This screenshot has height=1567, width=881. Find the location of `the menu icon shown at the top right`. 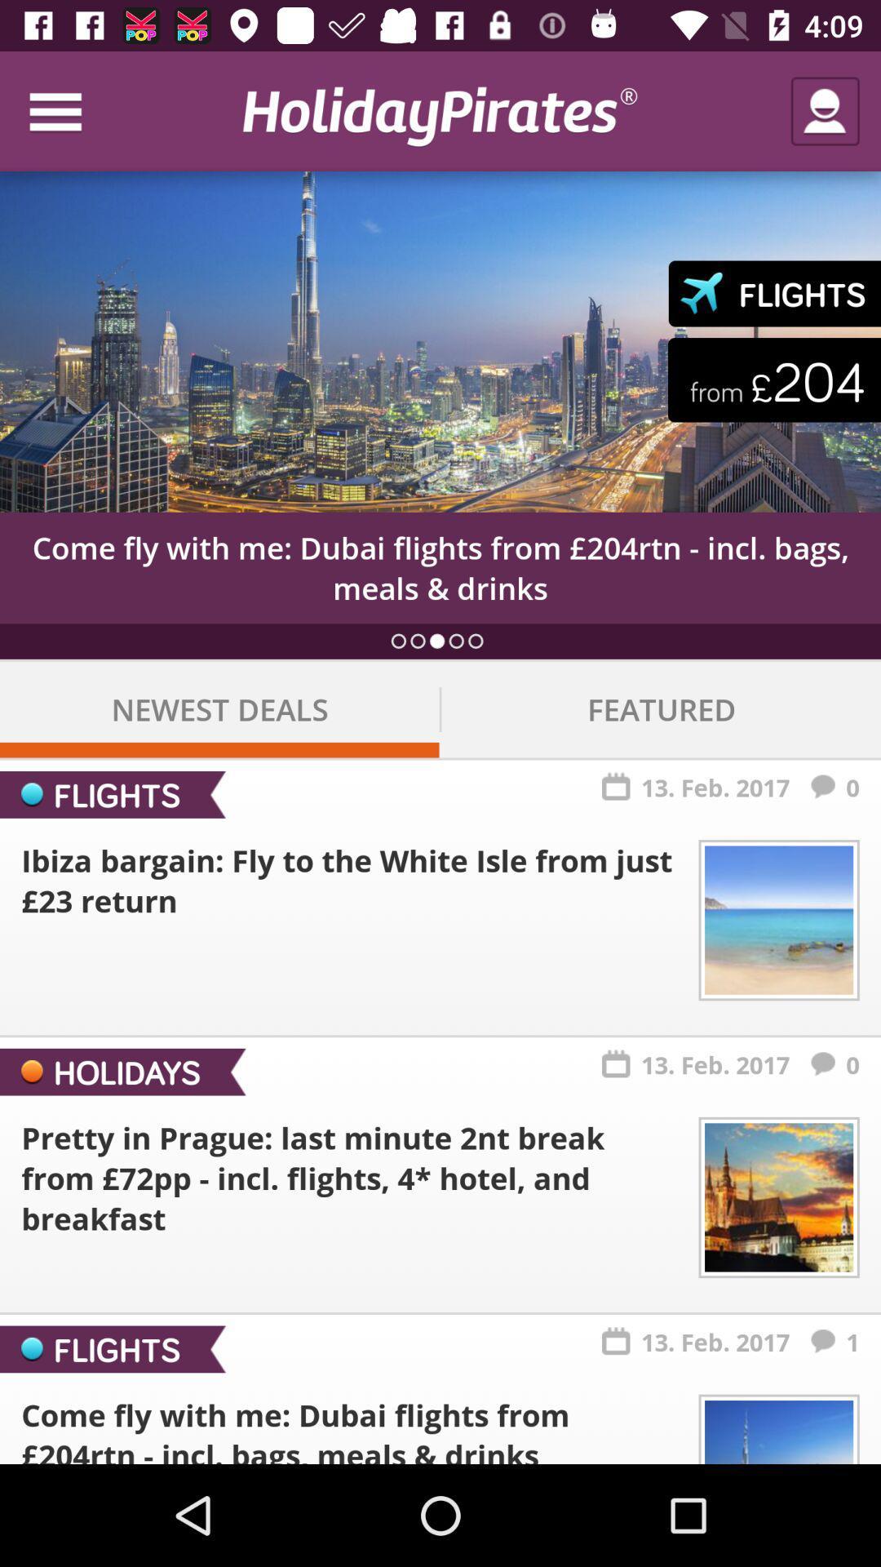

the menu icon shown at the top right is located at coordinates (71, 111).